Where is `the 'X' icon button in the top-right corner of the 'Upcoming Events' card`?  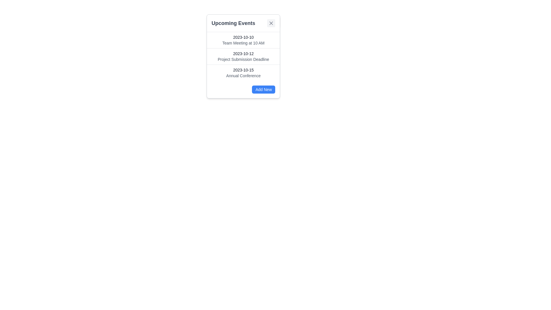 the 'X' icon button in the top-right corner of the 'Upcoming Events' card is located at coordinates (271, 23).